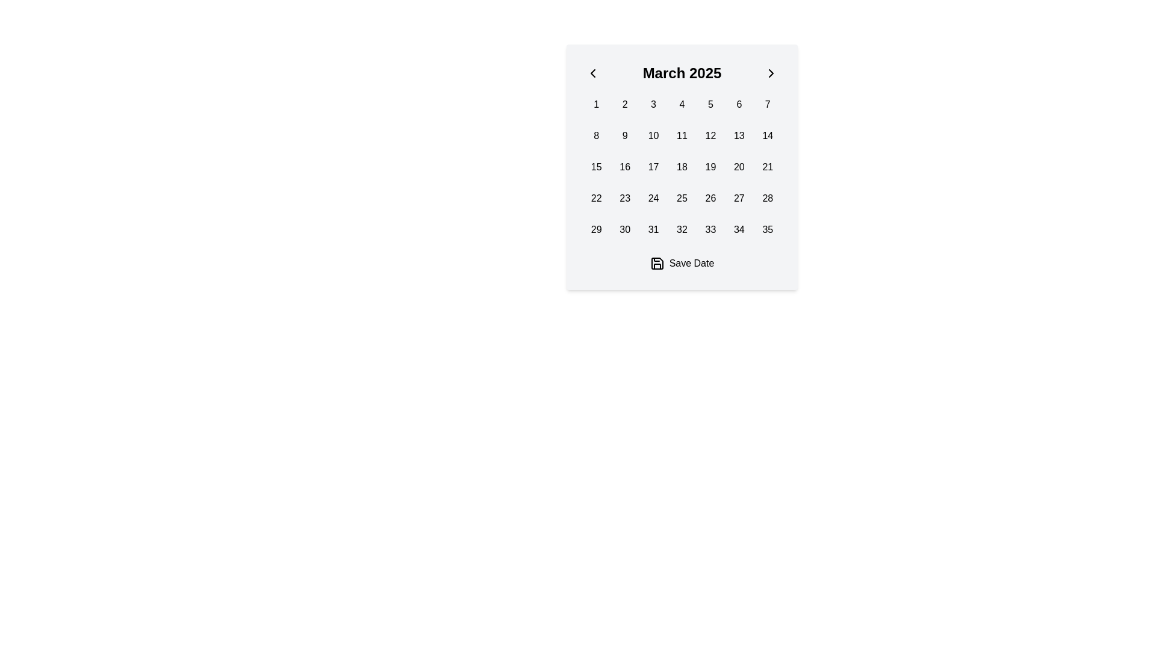 The width and height of the screenshot is (1156, 650). Describe the element at coordinates (624, 135) in the screenshot. I see `the button labeled '9' in the calendar interface` at that location.